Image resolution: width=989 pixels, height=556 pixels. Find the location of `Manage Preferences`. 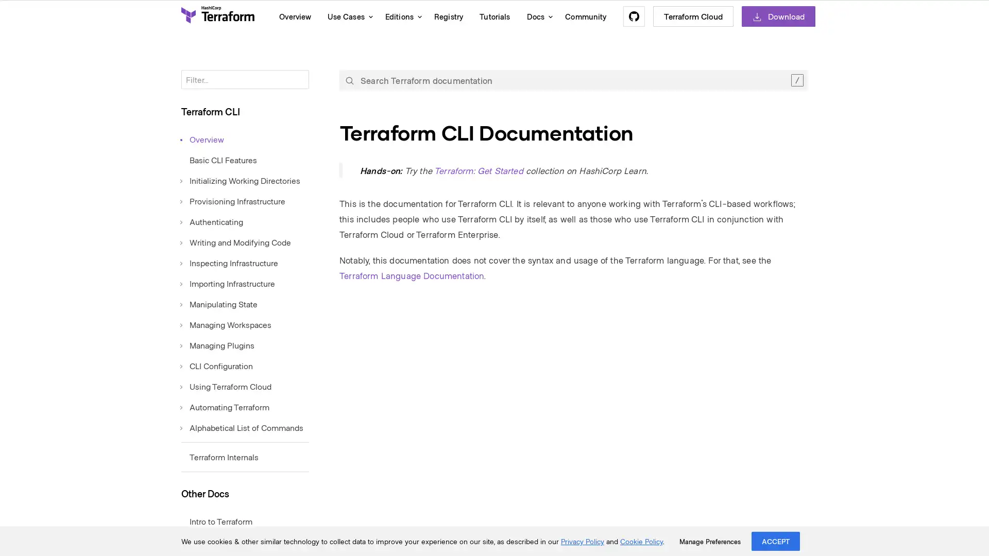

Manage Preferences is located at coordinates (709, 541).